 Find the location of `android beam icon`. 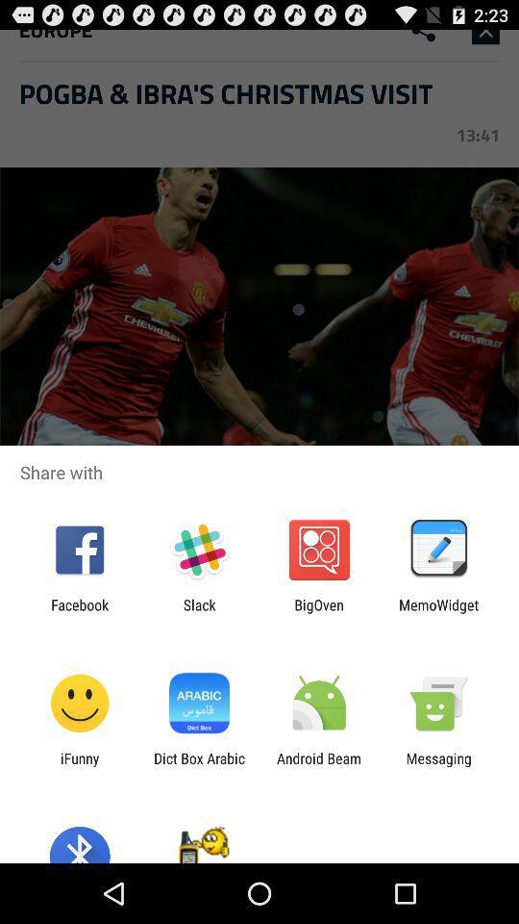

android beam icon is located at coordinates (319, 766).